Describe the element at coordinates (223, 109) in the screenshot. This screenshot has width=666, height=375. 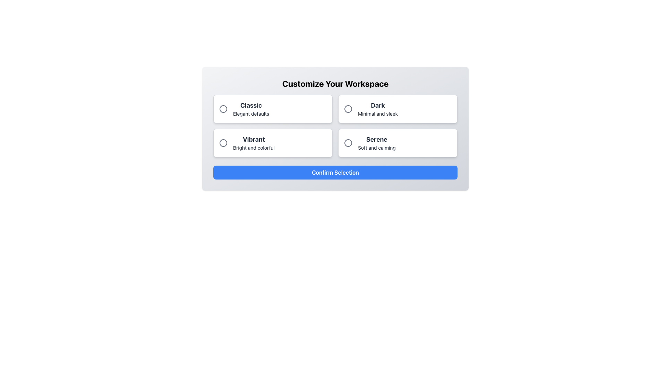
I see `the Circle graphic element located to the left of the text 'Classic' in the top-left option of the workspace settings grid` at that location.